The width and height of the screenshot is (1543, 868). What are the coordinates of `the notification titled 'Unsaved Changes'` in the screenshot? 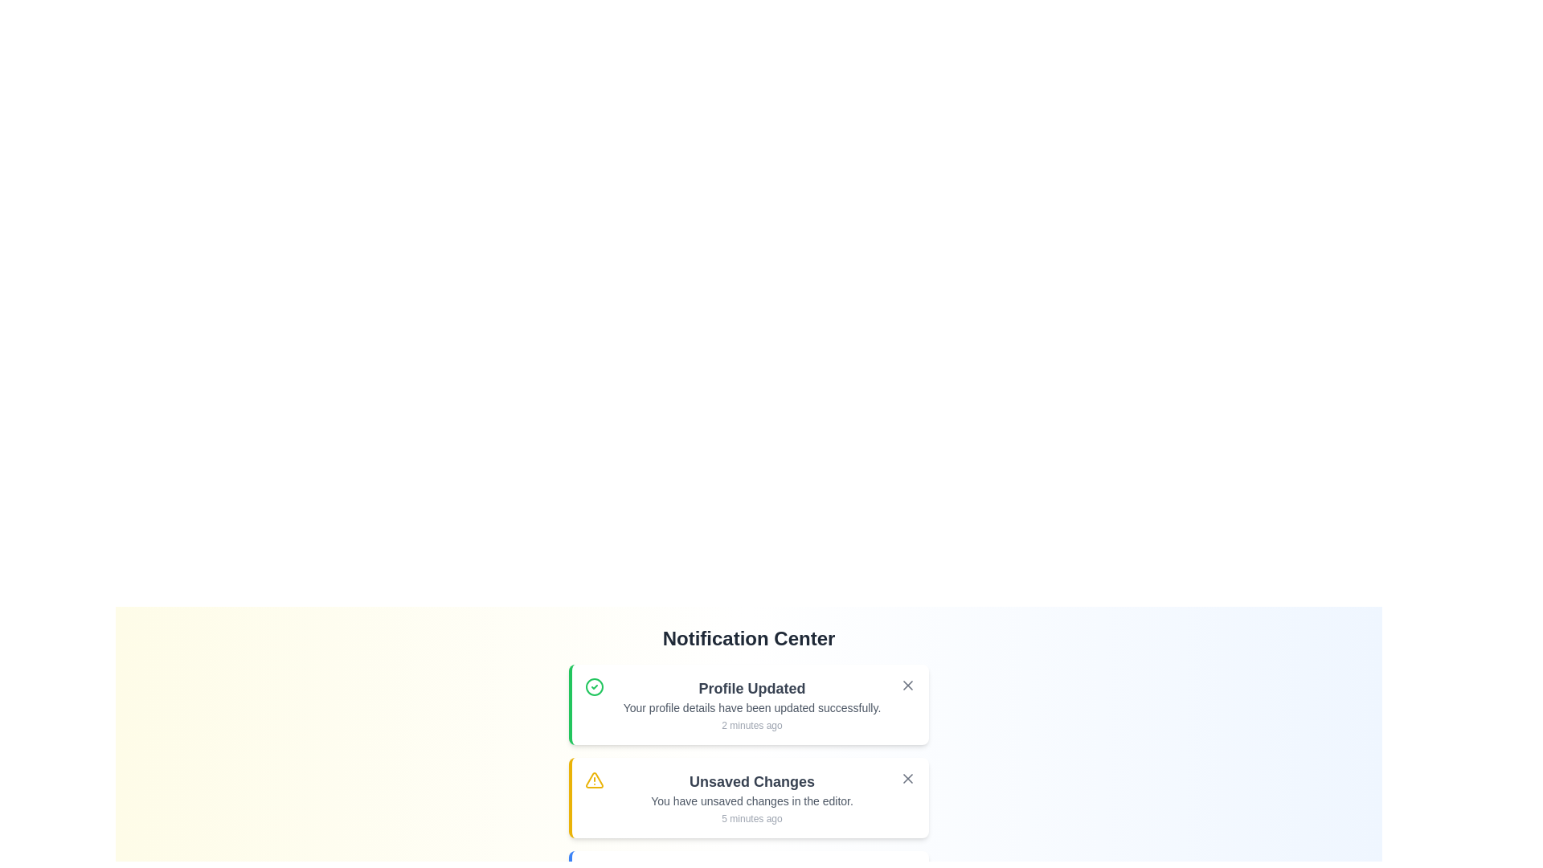 It's located at (747, 797).